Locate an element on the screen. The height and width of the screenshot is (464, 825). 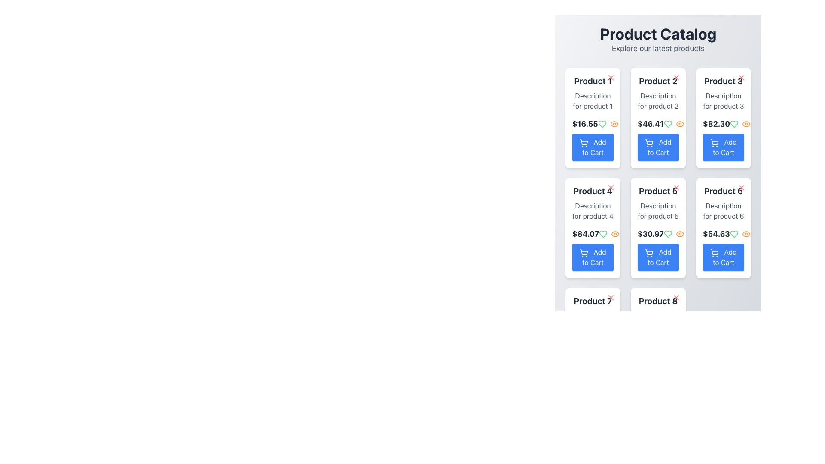
text from the light gray text label that displays 'Explore our latest products', located beneath the 'Product Catalog' title at the top center of the interface is located at coordinates (657, 48).